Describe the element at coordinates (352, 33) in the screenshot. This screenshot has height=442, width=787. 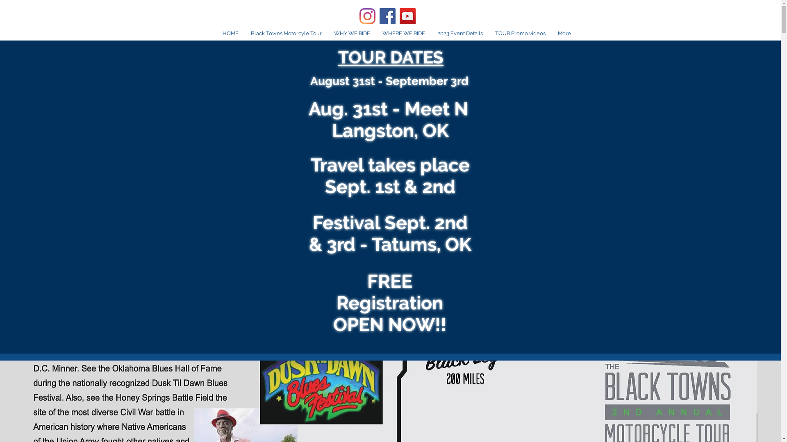
I see `'WHY WE RIDE'` at that location.